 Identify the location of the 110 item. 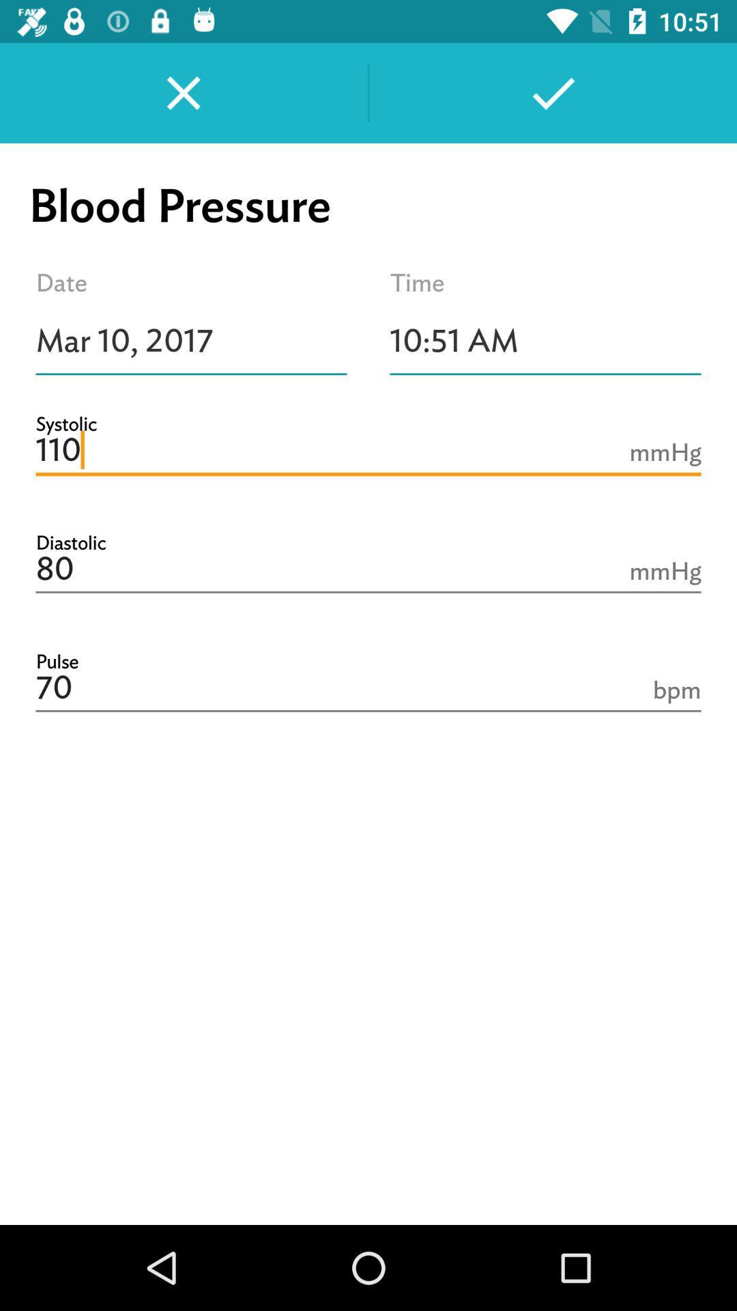
(369, 451).